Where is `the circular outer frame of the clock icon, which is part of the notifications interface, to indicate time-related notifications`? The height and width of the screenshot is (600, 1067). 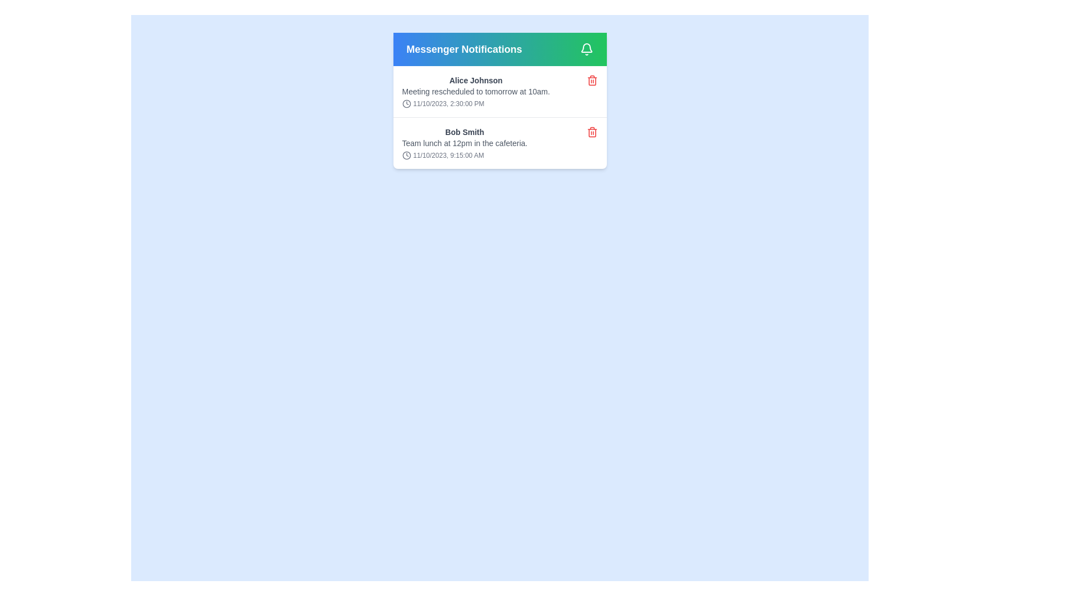
the circular outer frame of the clock icon, which is part of the notifications interface, to indicate time-related notifications is located at coordinates (406, 103).